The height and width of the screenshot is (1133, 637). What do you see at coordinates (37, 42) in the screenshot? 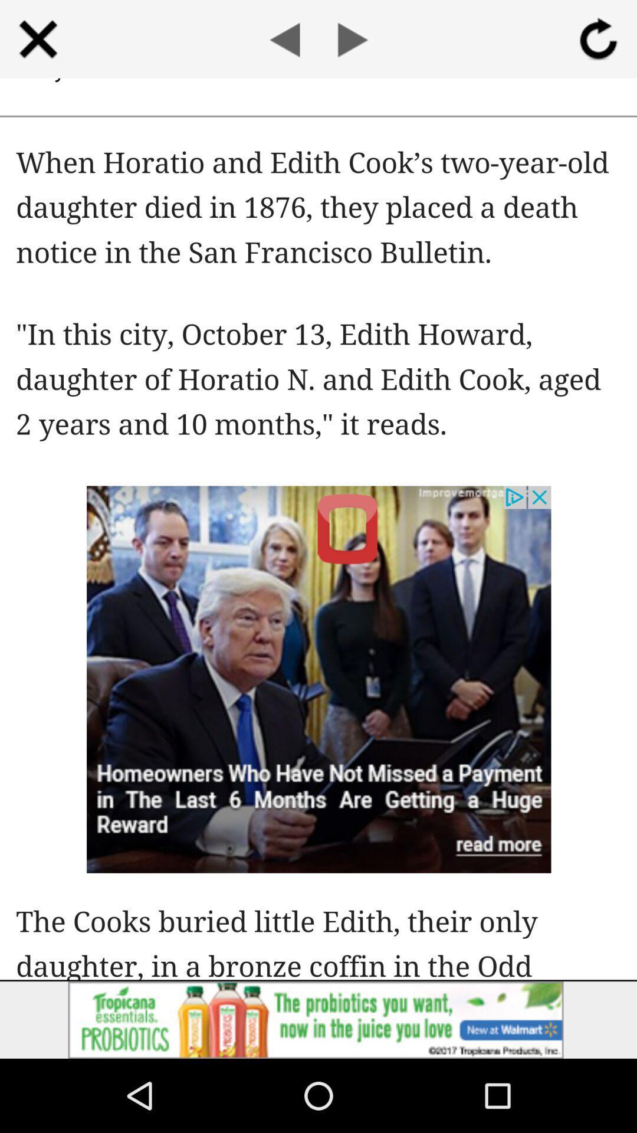
I see `the close icon` at bounding box center [37, 42].